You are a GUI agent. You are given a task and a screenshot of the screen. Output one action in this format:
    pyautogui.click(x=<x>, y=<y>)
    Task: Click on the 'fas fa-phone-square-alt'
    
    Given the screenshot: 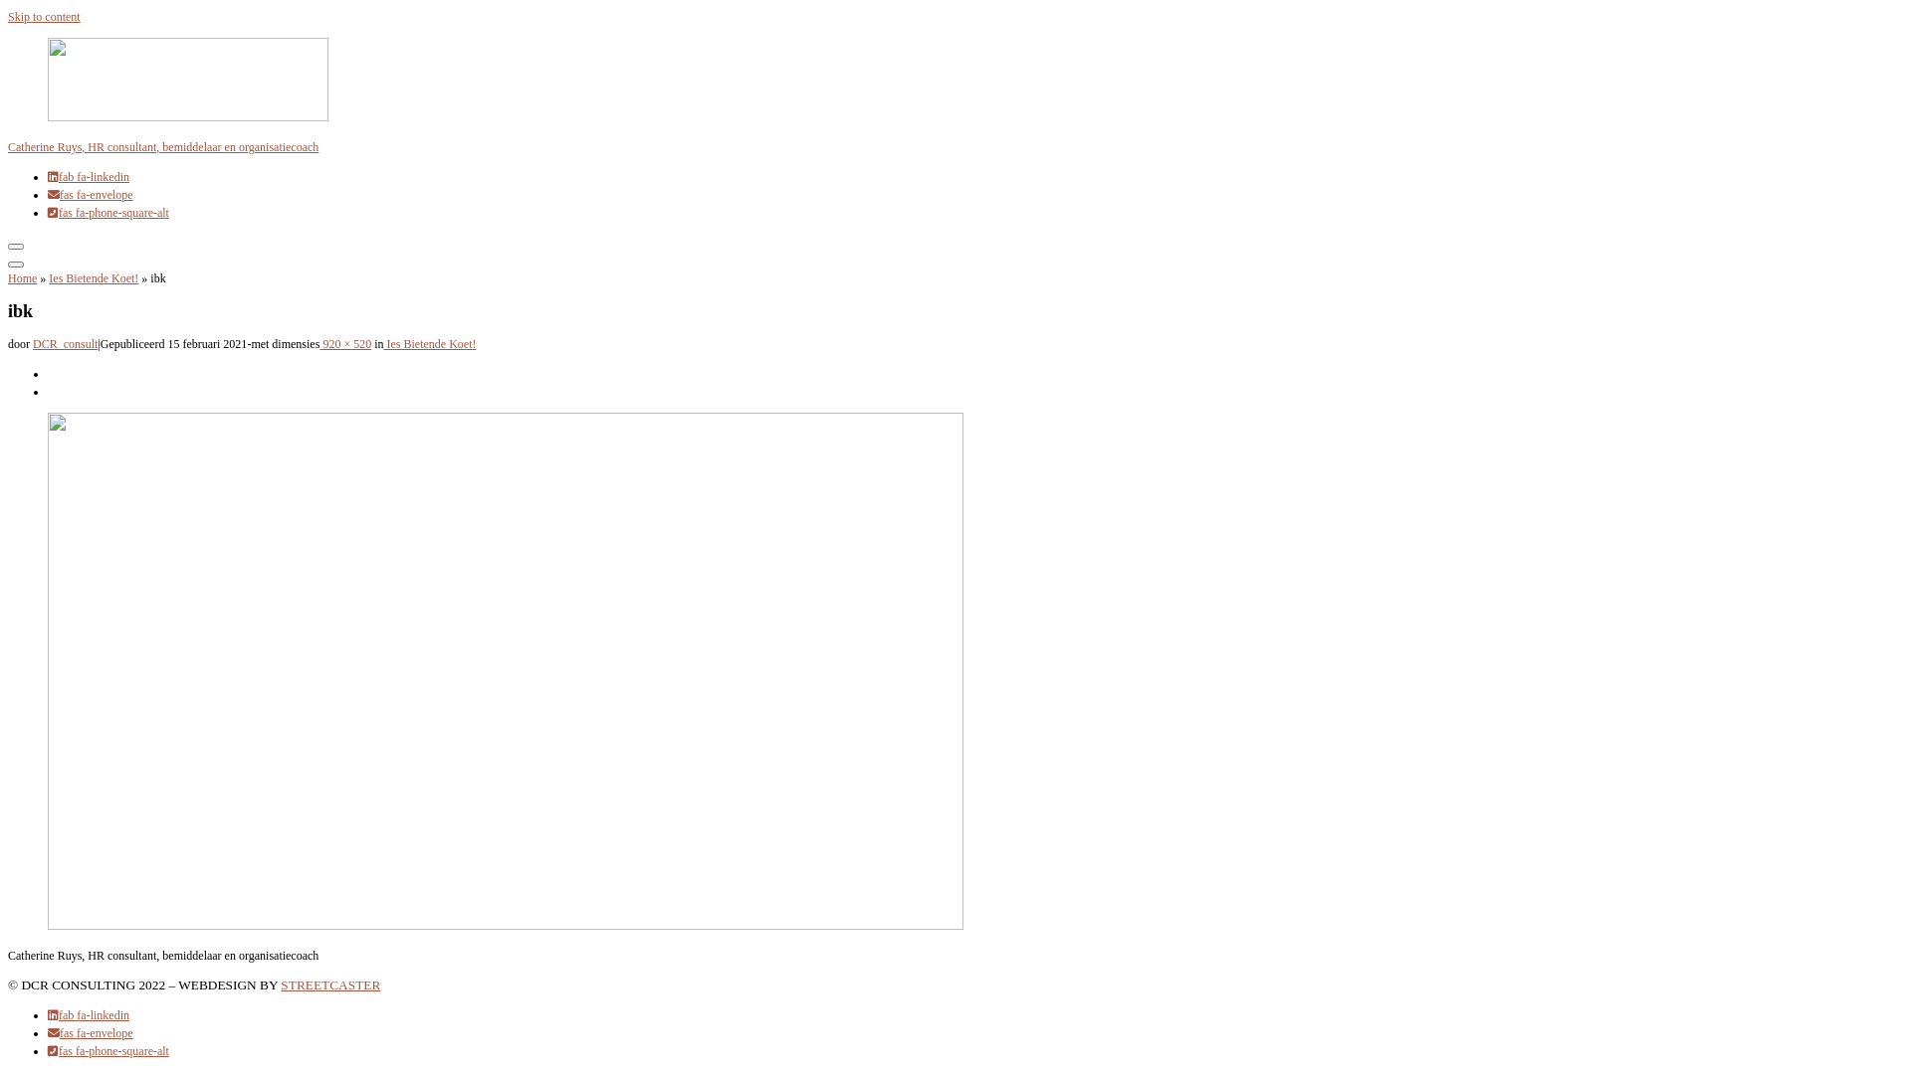 What is the action you would take?
    pyautogui.click(x=107, y=212)
    